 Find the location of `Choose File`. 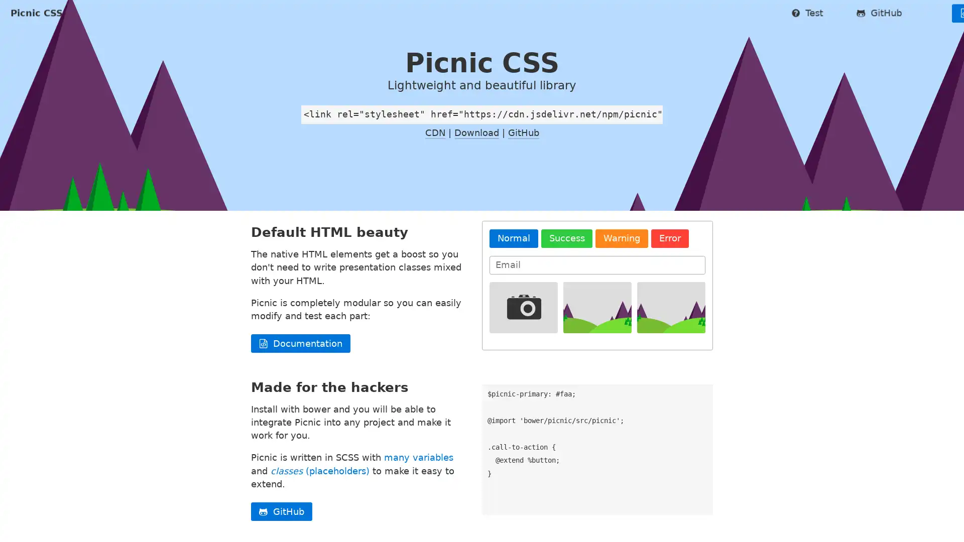

Choose File is located at coordinates (519, 319).